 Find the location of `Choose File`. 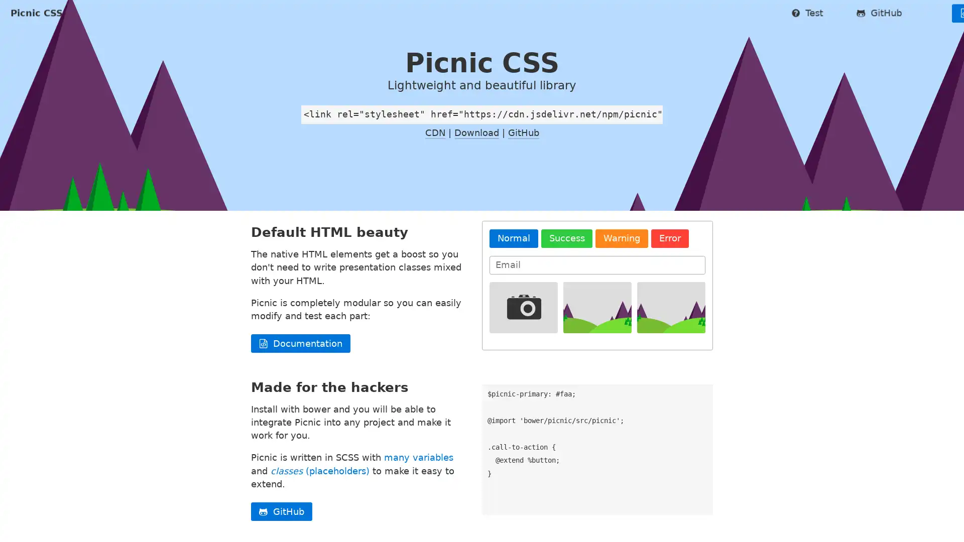

Choose File is located at coordinates (519, 319).